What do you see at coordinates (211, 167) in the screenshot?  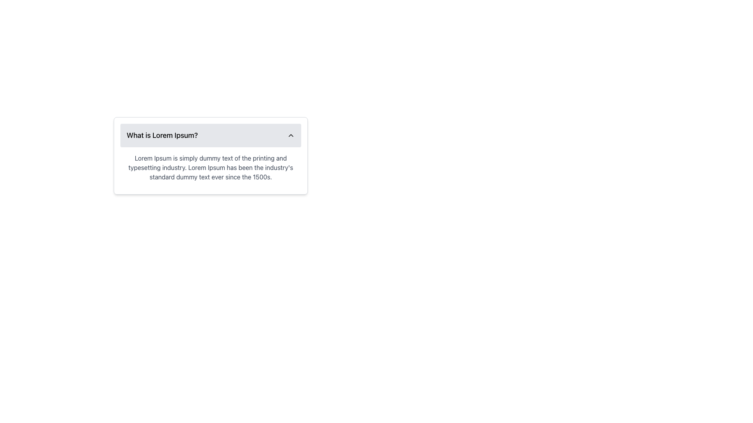 I see `text from the Text Block containing 'Lorem Ipsum is simply dummy text of the printing and typesetting industry.' located under the heading 'What is Lorem Ipsum?'` at bounding box center [211, 167].